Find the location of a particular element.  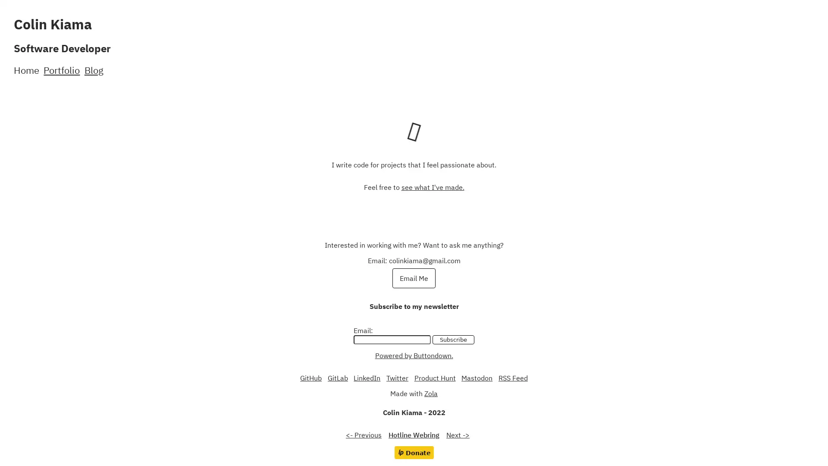

Subscribe is located at coordinates (453, 339).